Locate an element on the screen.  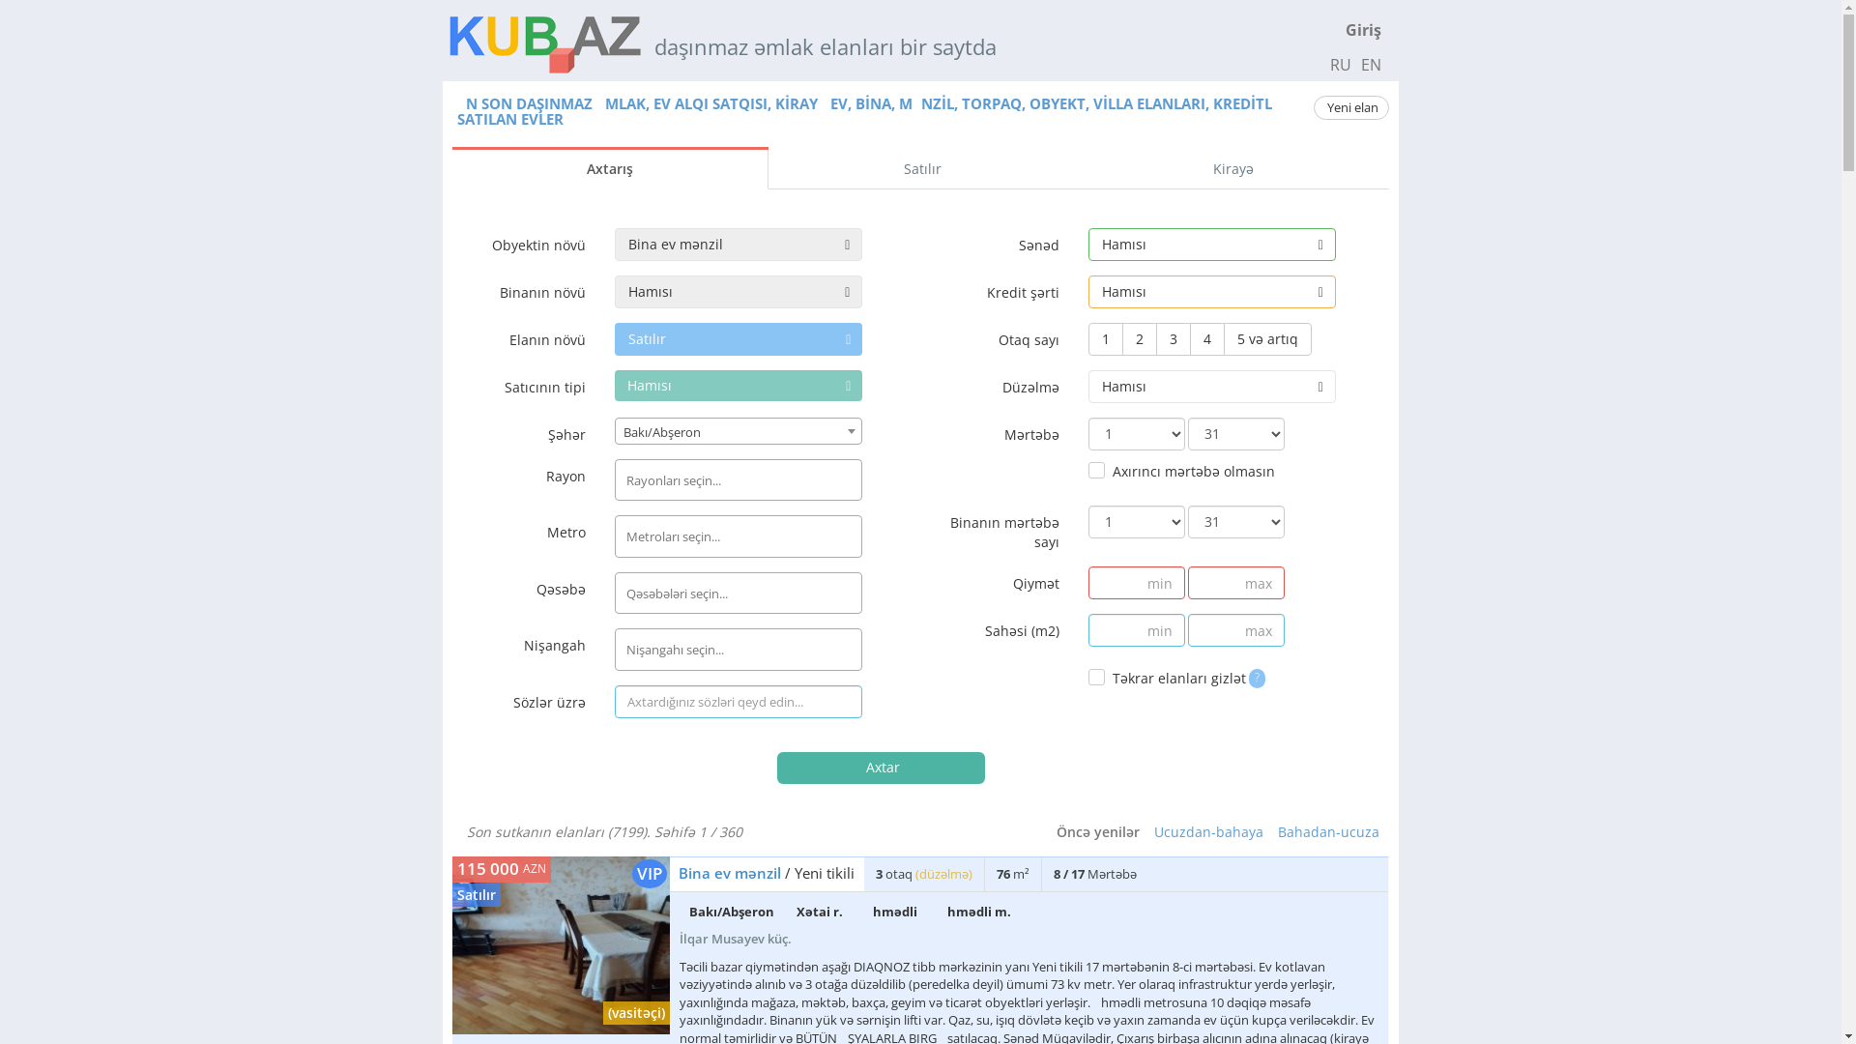
'Ucuzdan-bahaya' is located at coordinates (1207, 830).